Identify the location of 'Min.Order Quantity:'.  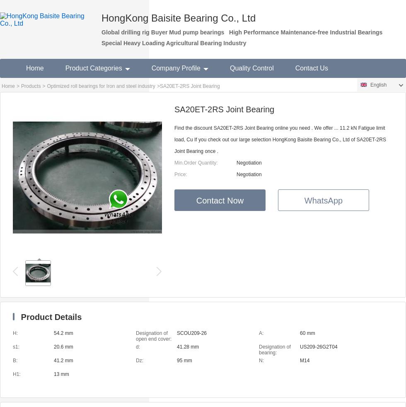
(196, 162).